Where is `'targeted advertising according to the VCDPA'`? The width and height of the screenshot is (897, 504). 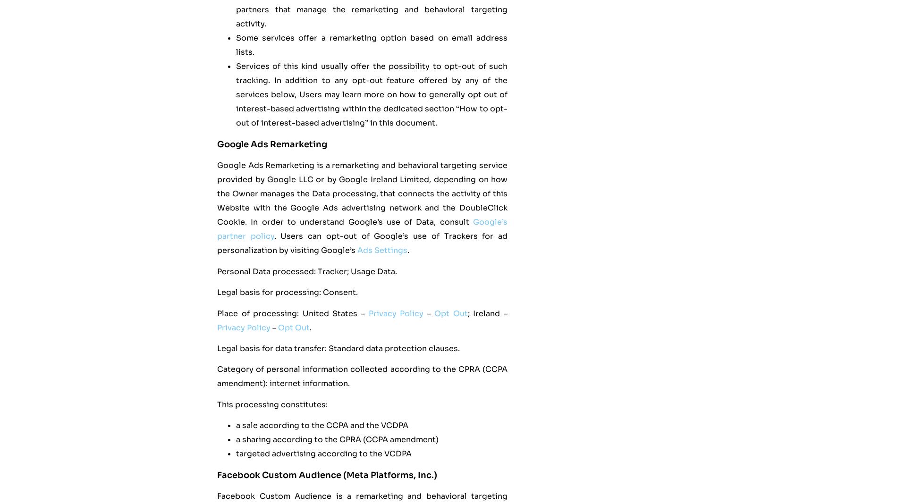
'targeted advertising according to the VCDPA' is located at coordinates (324, 454).